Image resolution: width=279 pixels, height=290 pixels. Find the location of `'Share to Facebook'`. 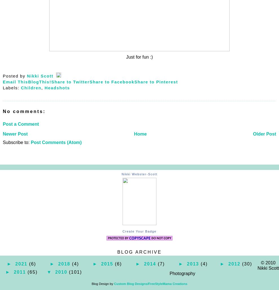

'Share to Facebook' is located at coordinates (112, 81).